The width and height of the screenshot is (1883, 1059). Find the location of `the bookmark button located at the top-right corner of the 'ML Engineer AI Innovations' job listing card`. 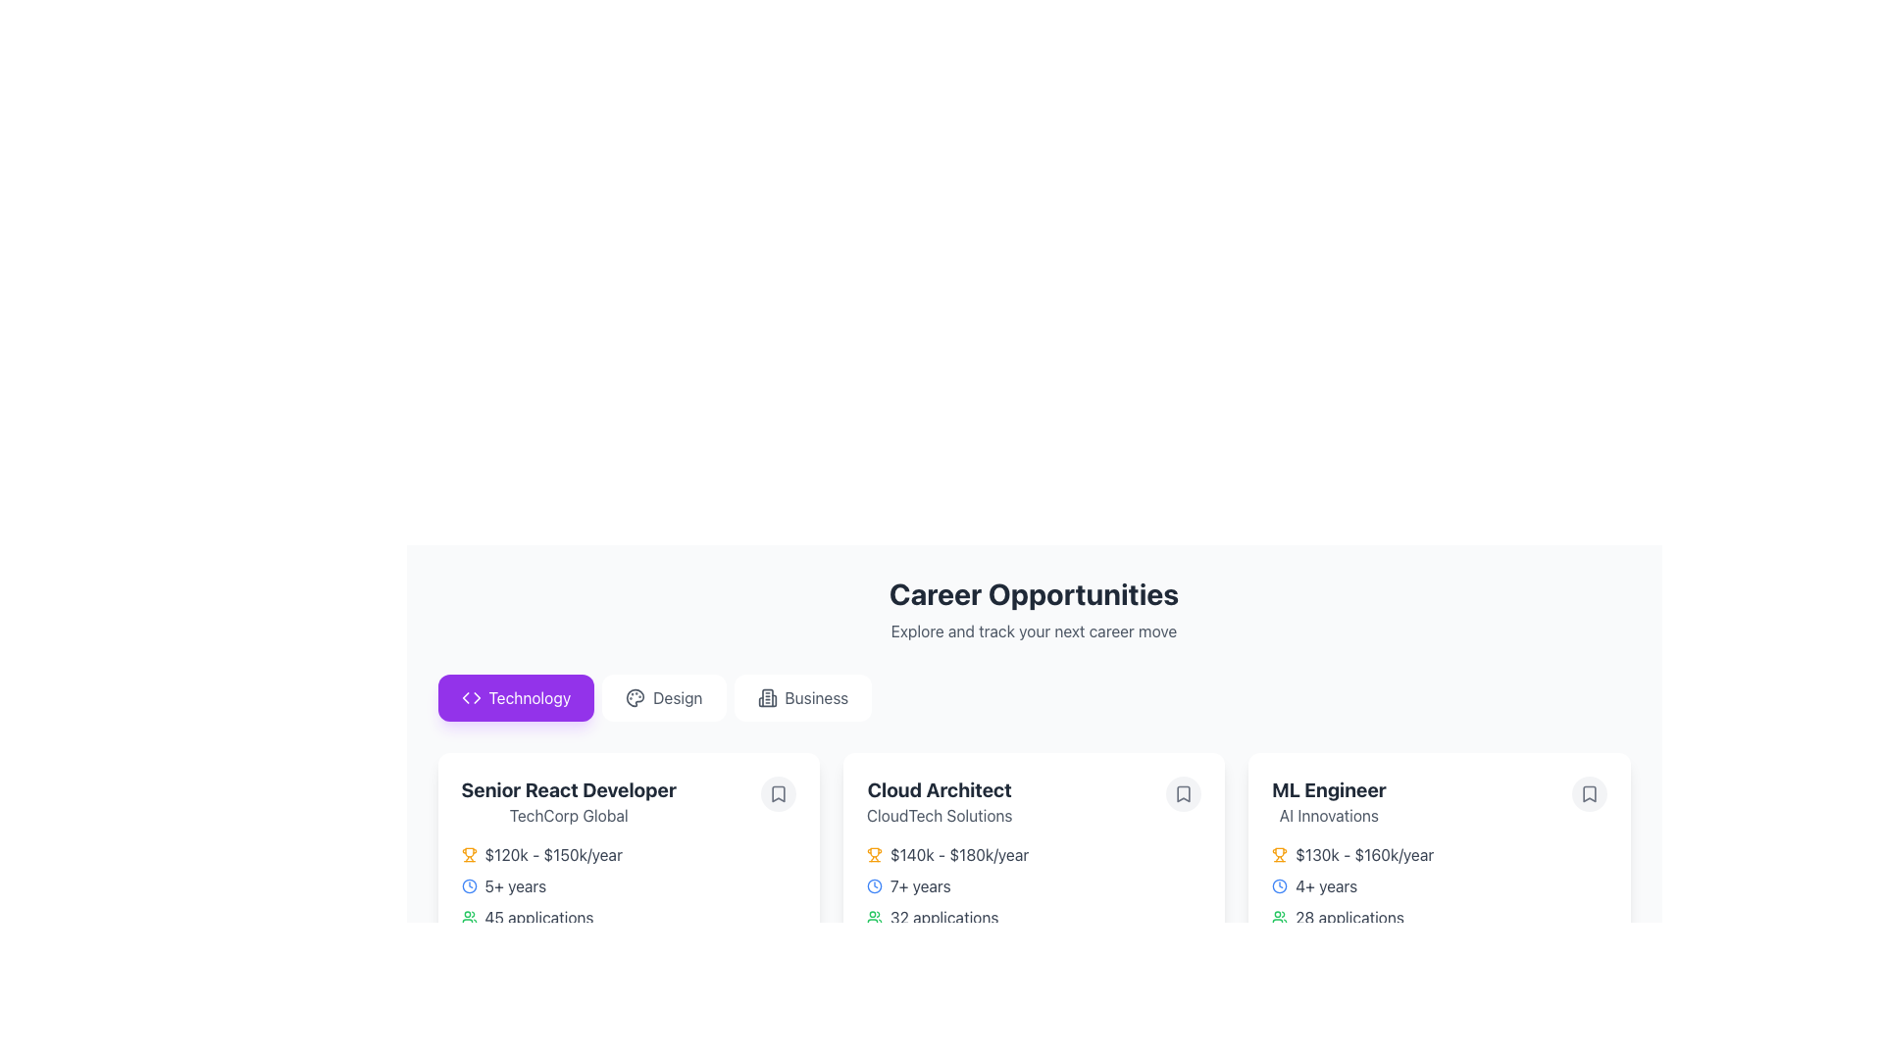

the bookmark button located at the top-right corner of the 'ML Engineer AI Innovations' job listing card is located at coordinates (1589, 794).